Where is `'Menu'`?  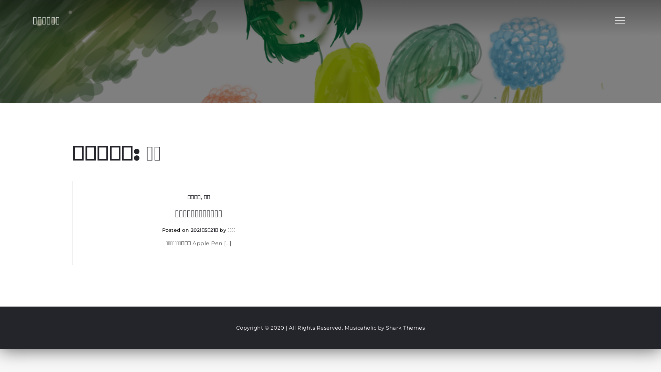 'Menu' is located at coordinates (619, 20).